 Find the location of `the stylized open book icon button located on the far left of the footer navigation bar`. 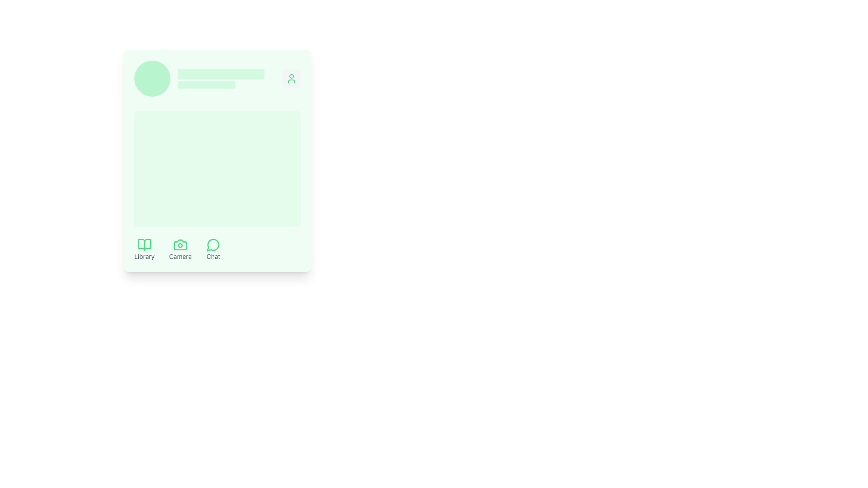

the stylized open book icon button located on the far left of the footer navigation bar is located at coordinates (144, 245).